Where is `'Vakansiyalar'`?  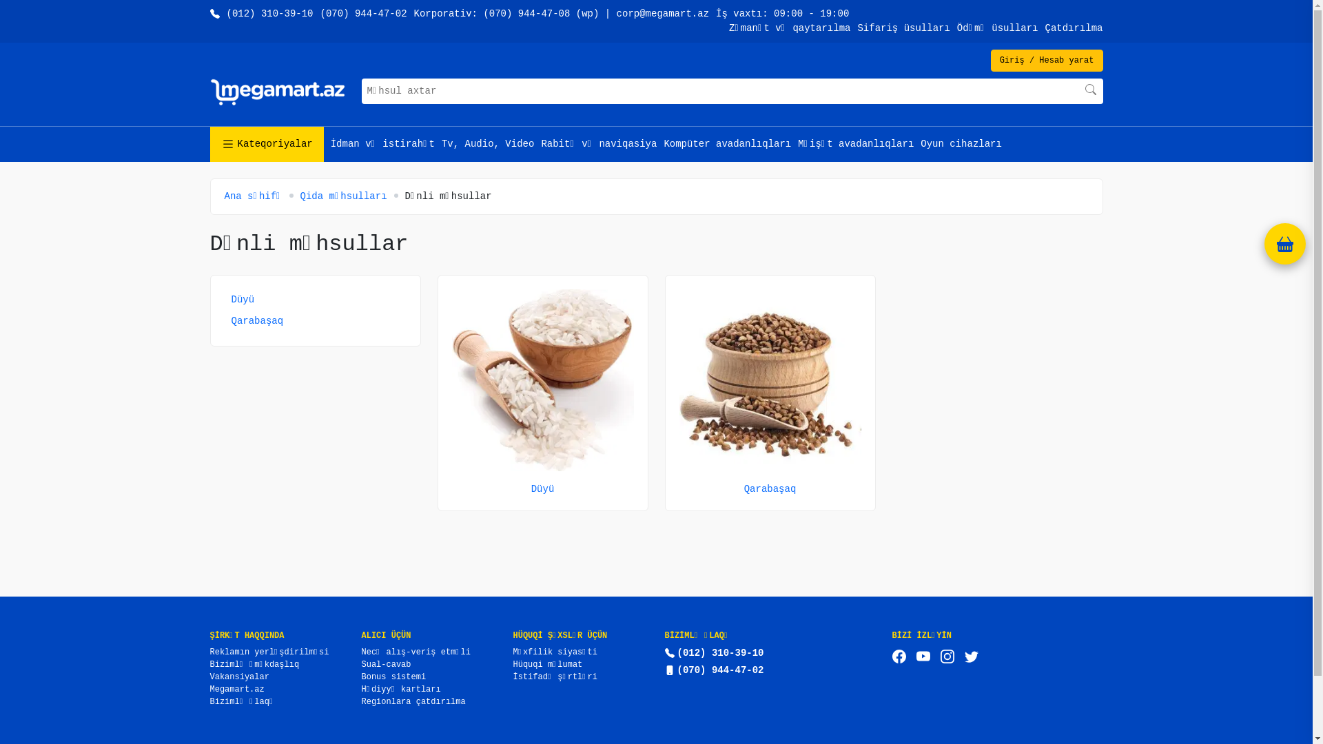
'Vakansiyalar' is located at coordinates (238, 676).